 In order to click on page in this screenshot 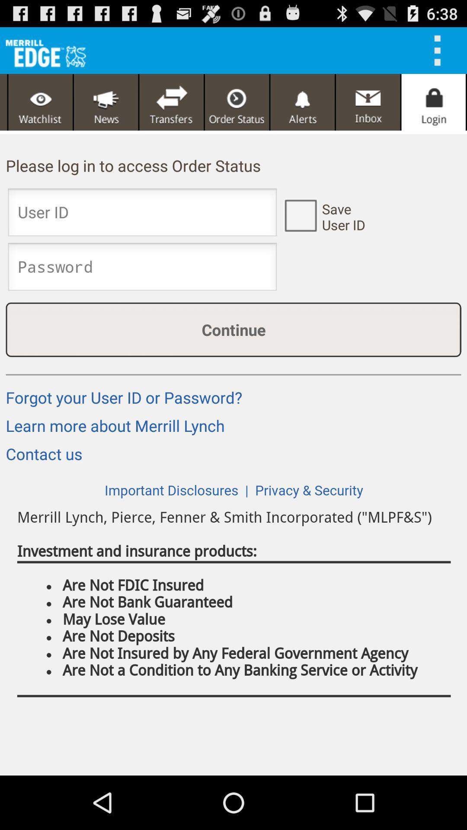, I will do `click(237, 102)`.